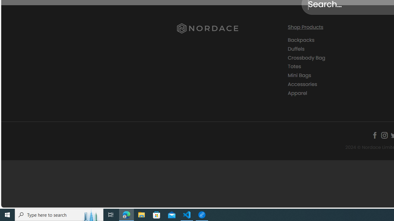 The image size is (394, 221). I want to click on 'Follow on Instagram', so click(384, 135).